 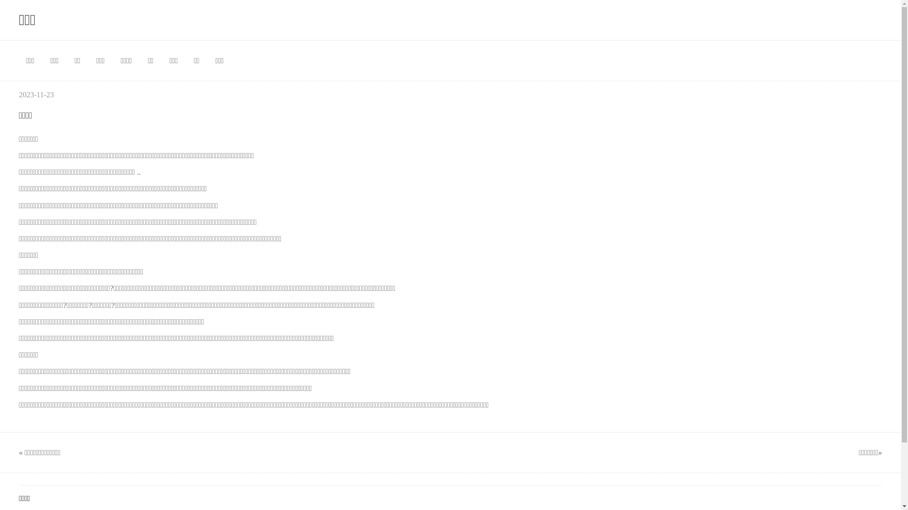 What do you see at coordinates (36, 94) in the screenshot?
I see `'2023-11-23'` at bounding box center [36, 94].